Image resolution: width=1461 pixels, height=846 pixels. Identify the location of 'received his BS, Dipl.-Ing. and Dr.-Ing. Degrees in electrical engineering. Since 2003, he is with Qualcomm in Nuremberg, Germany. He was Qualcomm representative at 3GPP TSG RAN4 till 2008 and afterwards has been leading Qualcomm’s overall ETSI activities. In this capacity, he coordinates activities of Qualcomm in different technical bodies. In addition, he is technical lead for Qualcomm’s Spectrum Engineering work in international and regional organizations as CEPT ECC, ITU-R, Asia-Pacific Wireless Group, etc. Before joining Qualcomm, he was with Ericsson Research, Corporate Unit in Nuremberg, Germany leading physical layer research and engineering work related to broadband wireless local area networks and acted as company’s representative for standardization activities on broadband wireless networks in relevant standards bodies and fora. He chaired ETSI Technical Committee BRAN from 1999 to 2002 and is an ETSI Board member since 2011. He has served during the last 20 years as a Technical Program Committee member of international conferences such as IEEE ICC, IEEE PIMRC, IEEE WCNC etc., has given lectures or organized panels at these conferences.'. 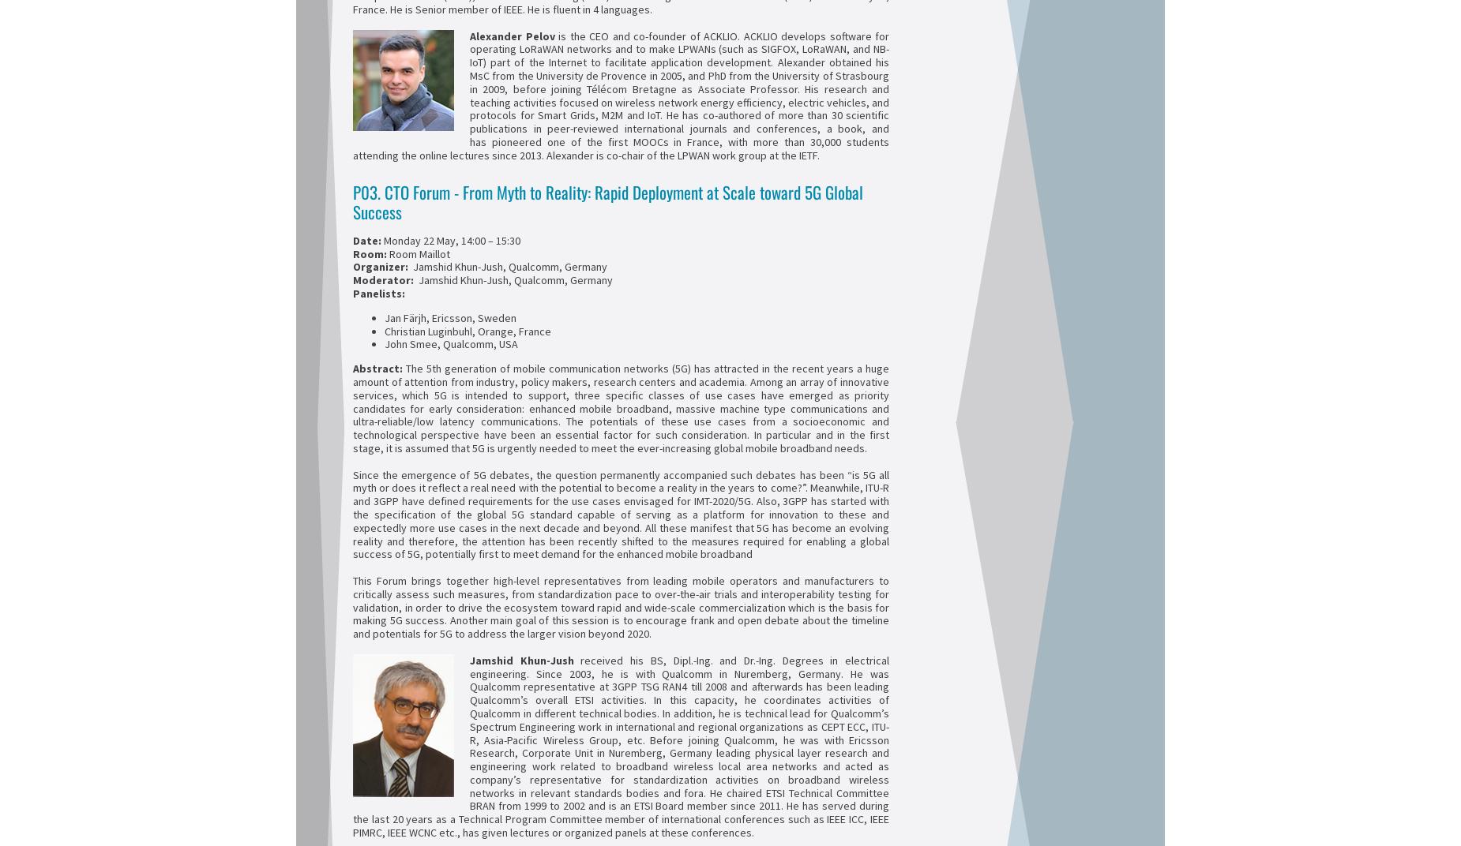
(621, 745).